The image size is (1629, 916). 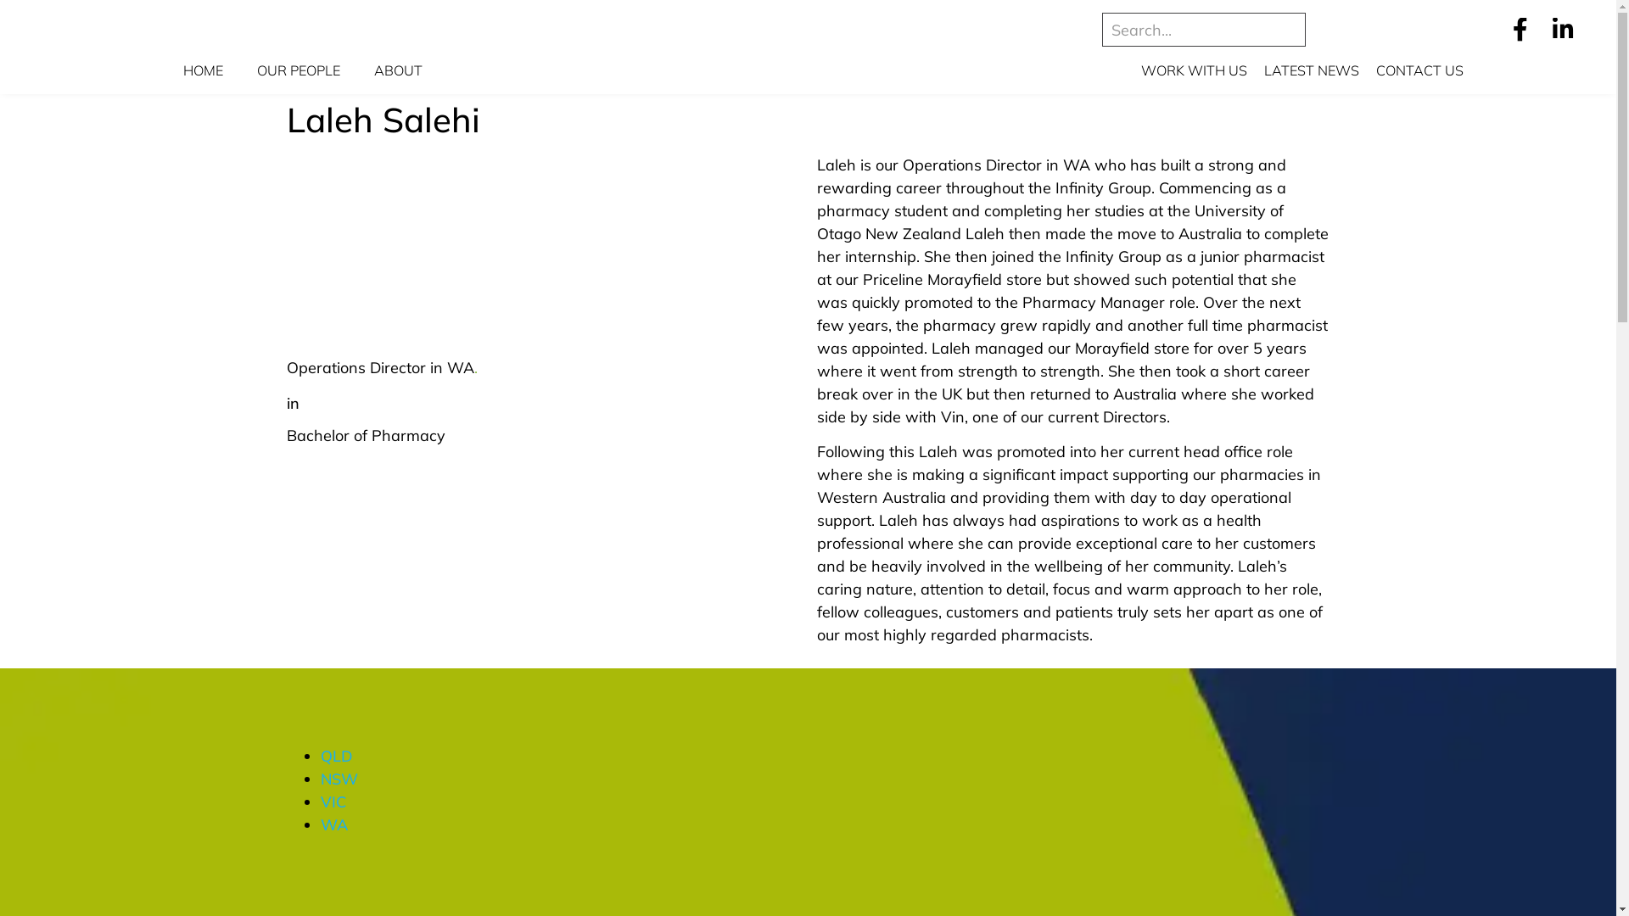 I want to click on 'OUR PEOPLE', so click(x=298, y=70).